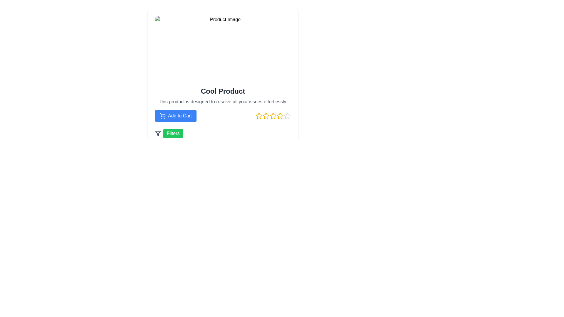  Describe the element at coordinates (266, 116) in the screenshot. I see `the third star icon in the interactive rating sequence` at that location.